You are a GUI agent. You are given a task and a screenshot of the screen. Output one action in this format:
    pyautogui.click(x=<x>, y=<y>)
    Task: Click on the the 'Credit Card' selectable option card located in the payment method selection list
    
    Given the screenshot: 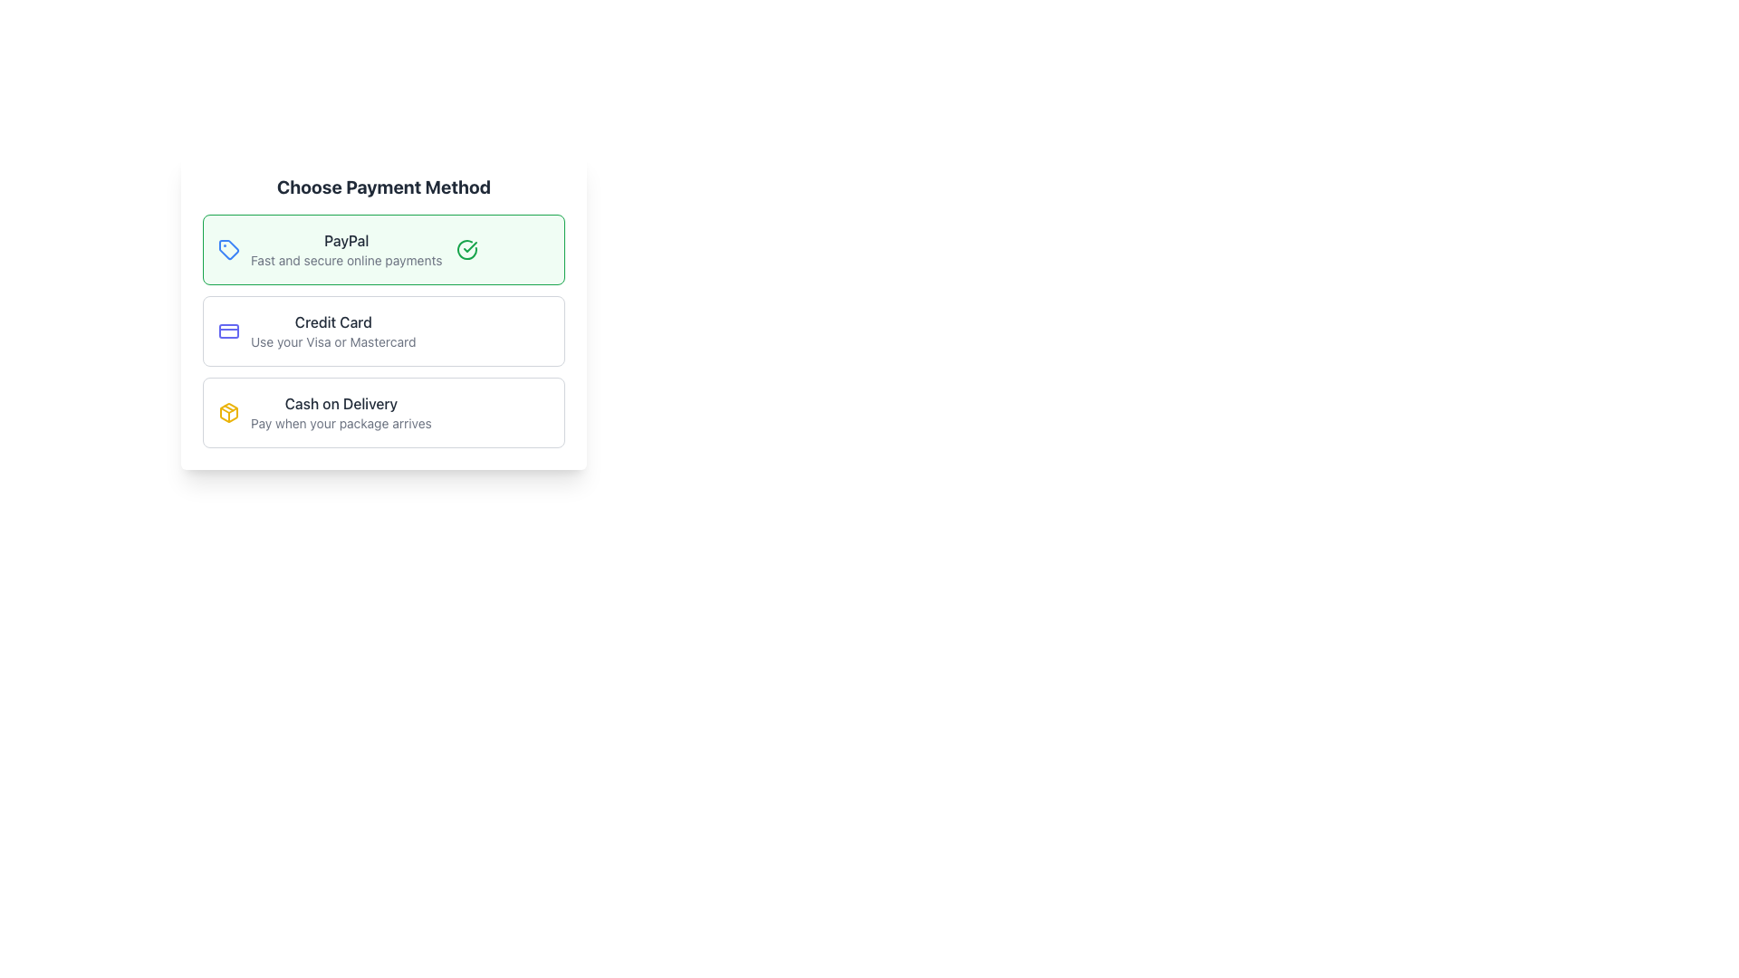 What is the action you would take?
    pyautogui.click(x=382, y=310)
    